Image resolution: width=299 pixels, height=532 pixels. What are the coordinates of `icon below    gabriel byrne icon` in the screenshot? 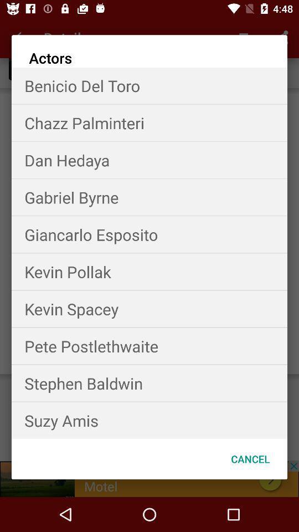 It's located at (149, 234).